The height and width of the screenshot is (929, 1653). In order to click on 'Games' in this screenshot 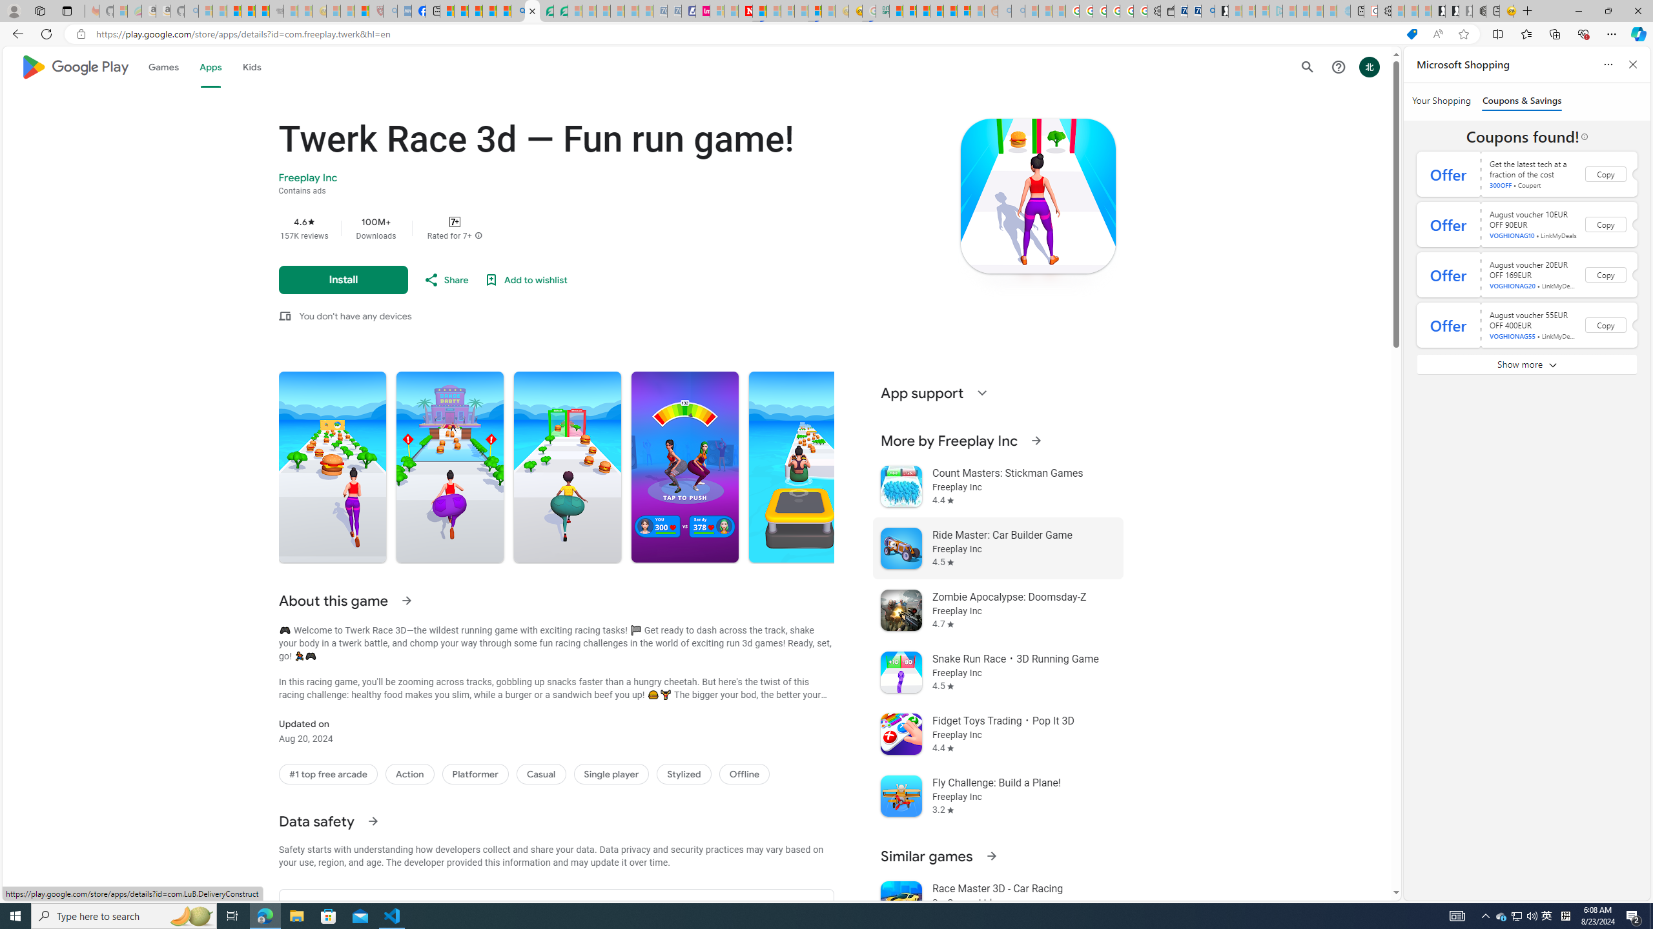, I will do `click(163, 66)`.